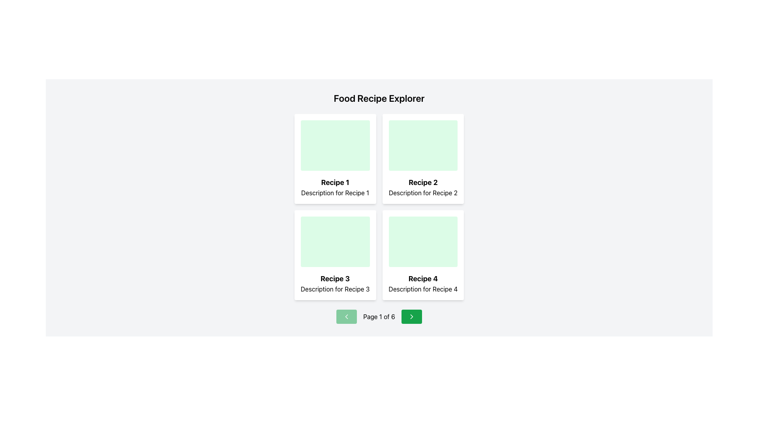  What do you see at coordinates (422, 182) in the screenshot?
I see `text 'Recipe 2' displayed as a heading in the top-right card of a 2x2 grid layout` at bounding box center [422, 182].